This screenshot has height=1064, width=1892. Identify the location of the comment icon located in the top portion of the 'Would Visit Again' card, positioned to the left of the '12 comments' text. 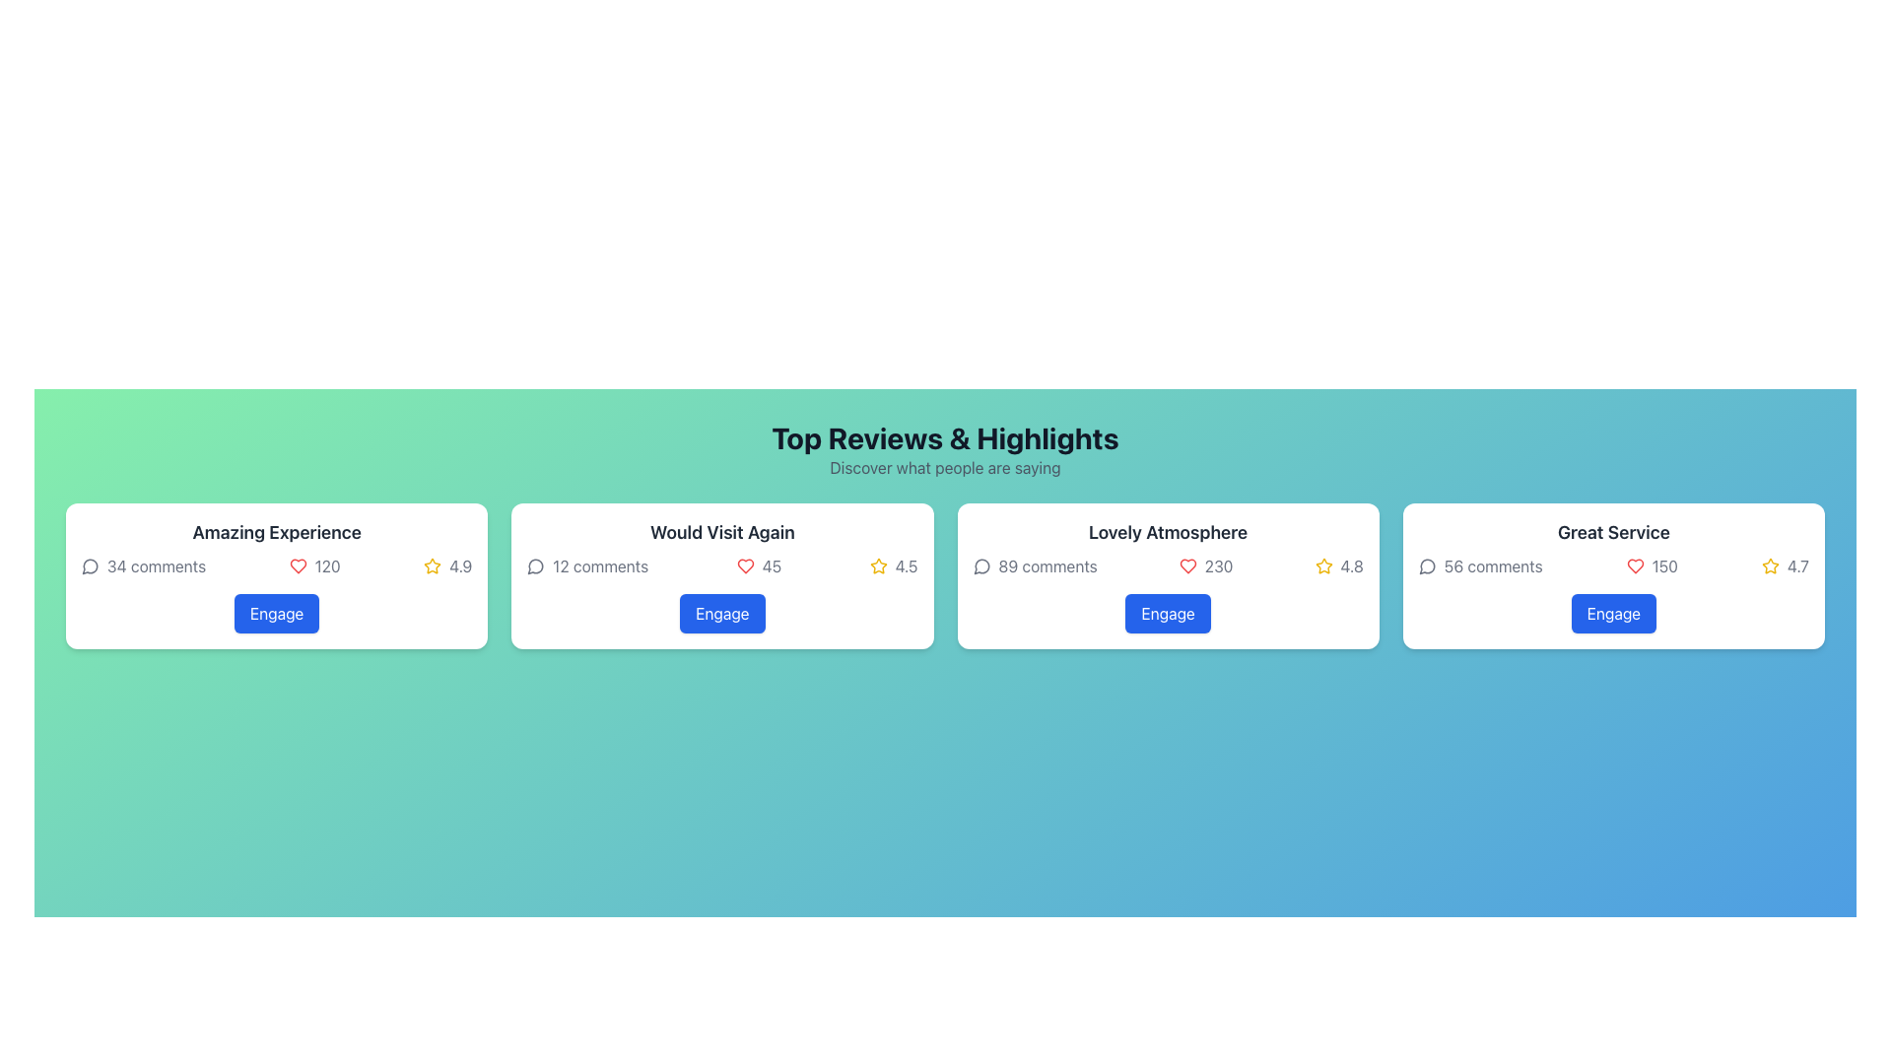
(536, 565).